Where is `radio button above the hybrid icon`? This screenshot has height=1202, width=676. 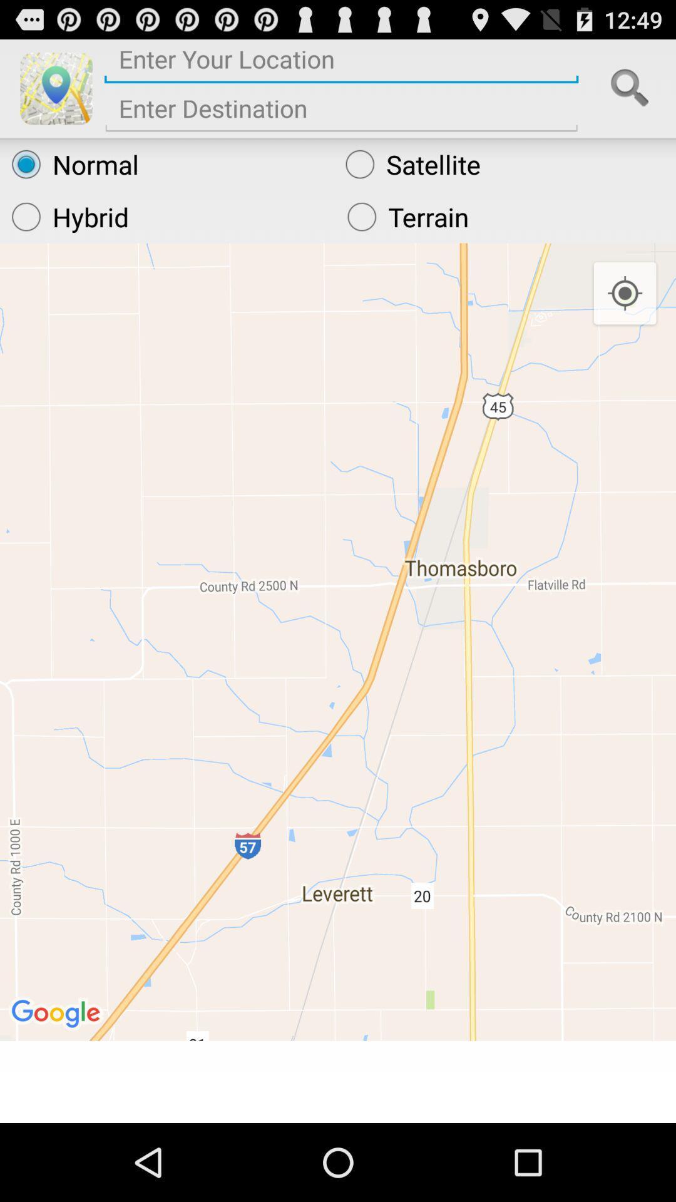
radio button above the hybrid icon is located at coordinates (166, 163).